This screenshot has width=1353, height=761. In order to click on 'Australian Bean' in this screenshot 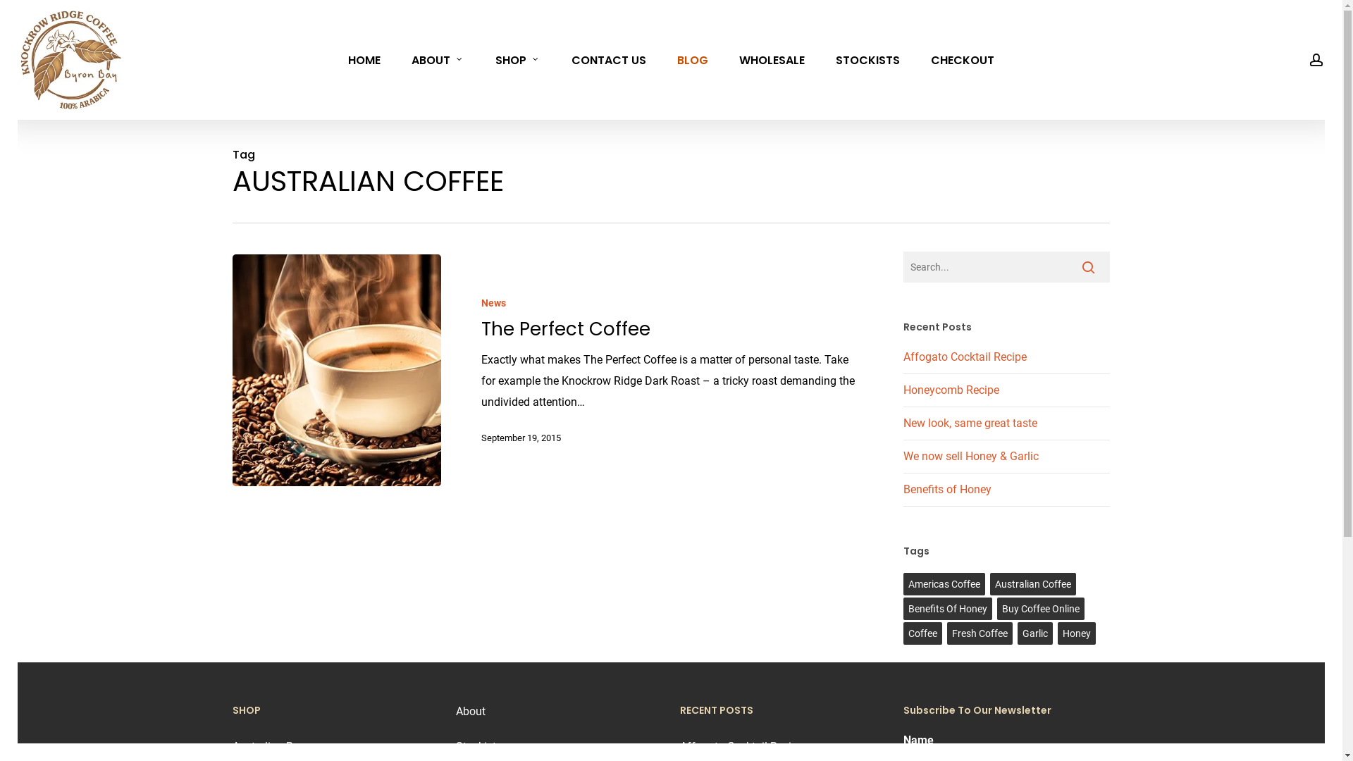, I will do `click(233, 745)`.